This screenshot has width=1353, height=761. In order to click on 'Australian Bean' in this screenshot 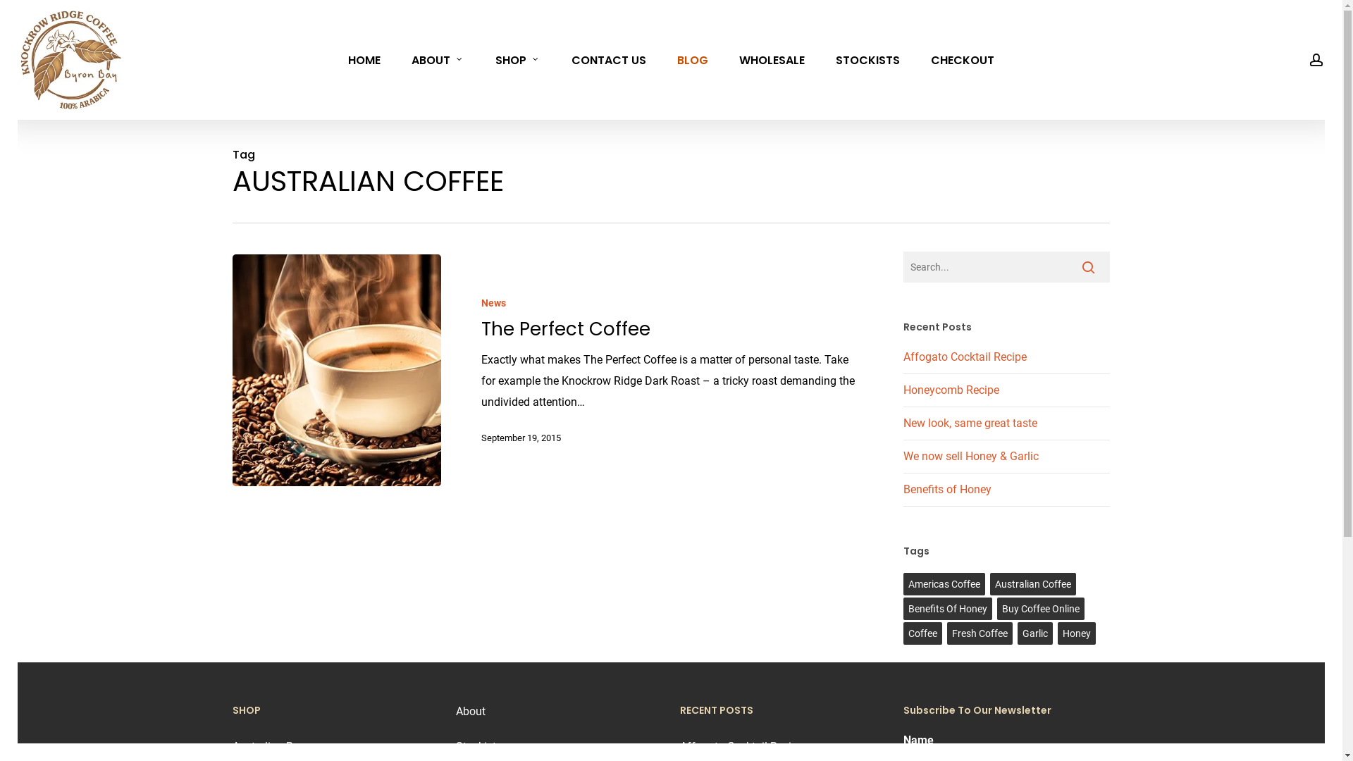, I will do `click(233, 745)`.